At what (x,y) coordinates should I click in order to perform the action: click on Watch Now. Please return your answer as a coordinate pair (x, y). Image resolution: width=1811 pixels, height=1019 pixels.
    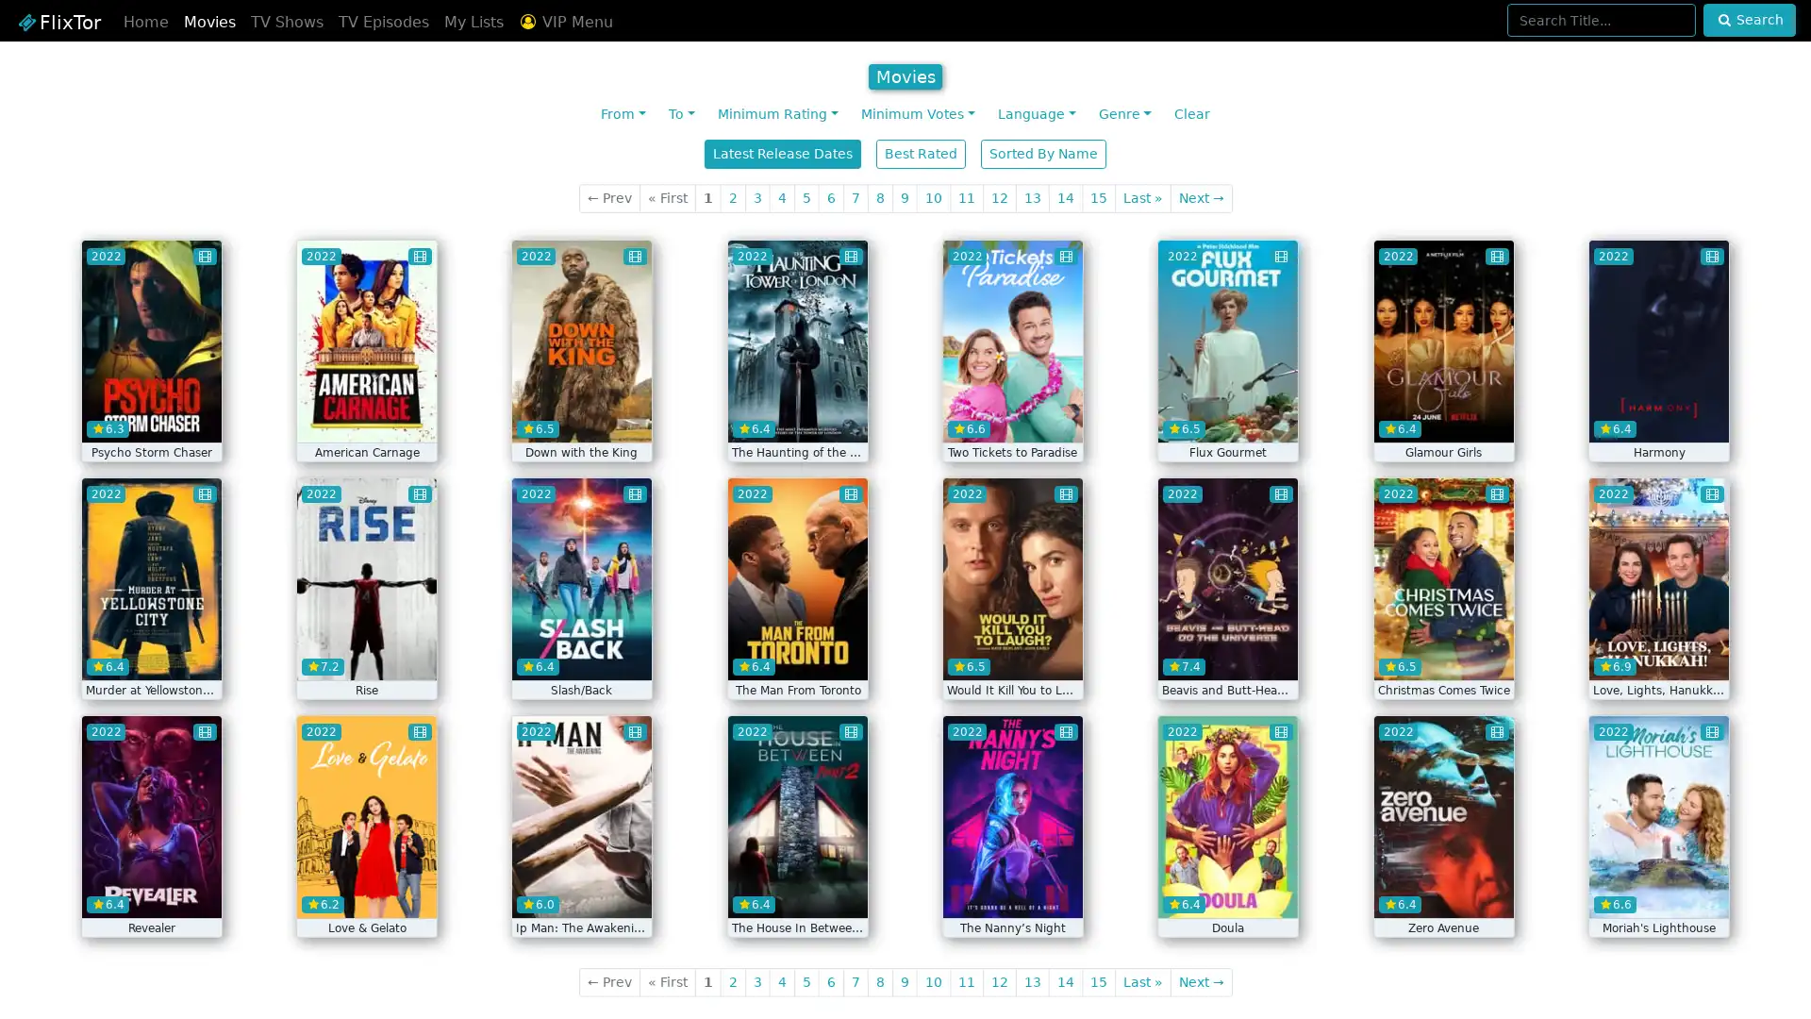
    Looking at the image, I should click on (1011, 651).